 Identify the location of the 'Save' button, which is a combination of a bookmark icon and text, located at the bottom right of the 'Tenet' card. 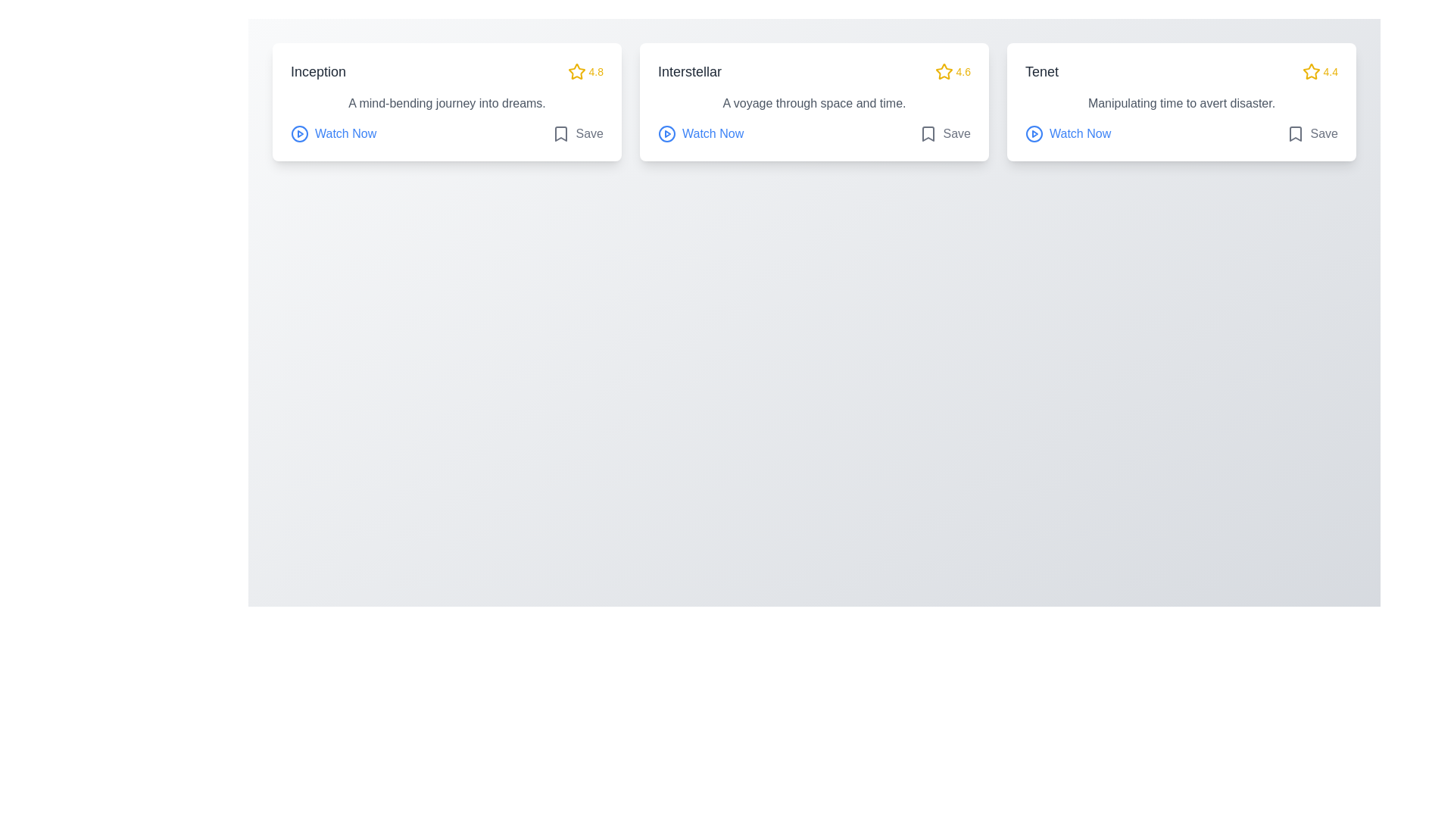
(1311, 133).